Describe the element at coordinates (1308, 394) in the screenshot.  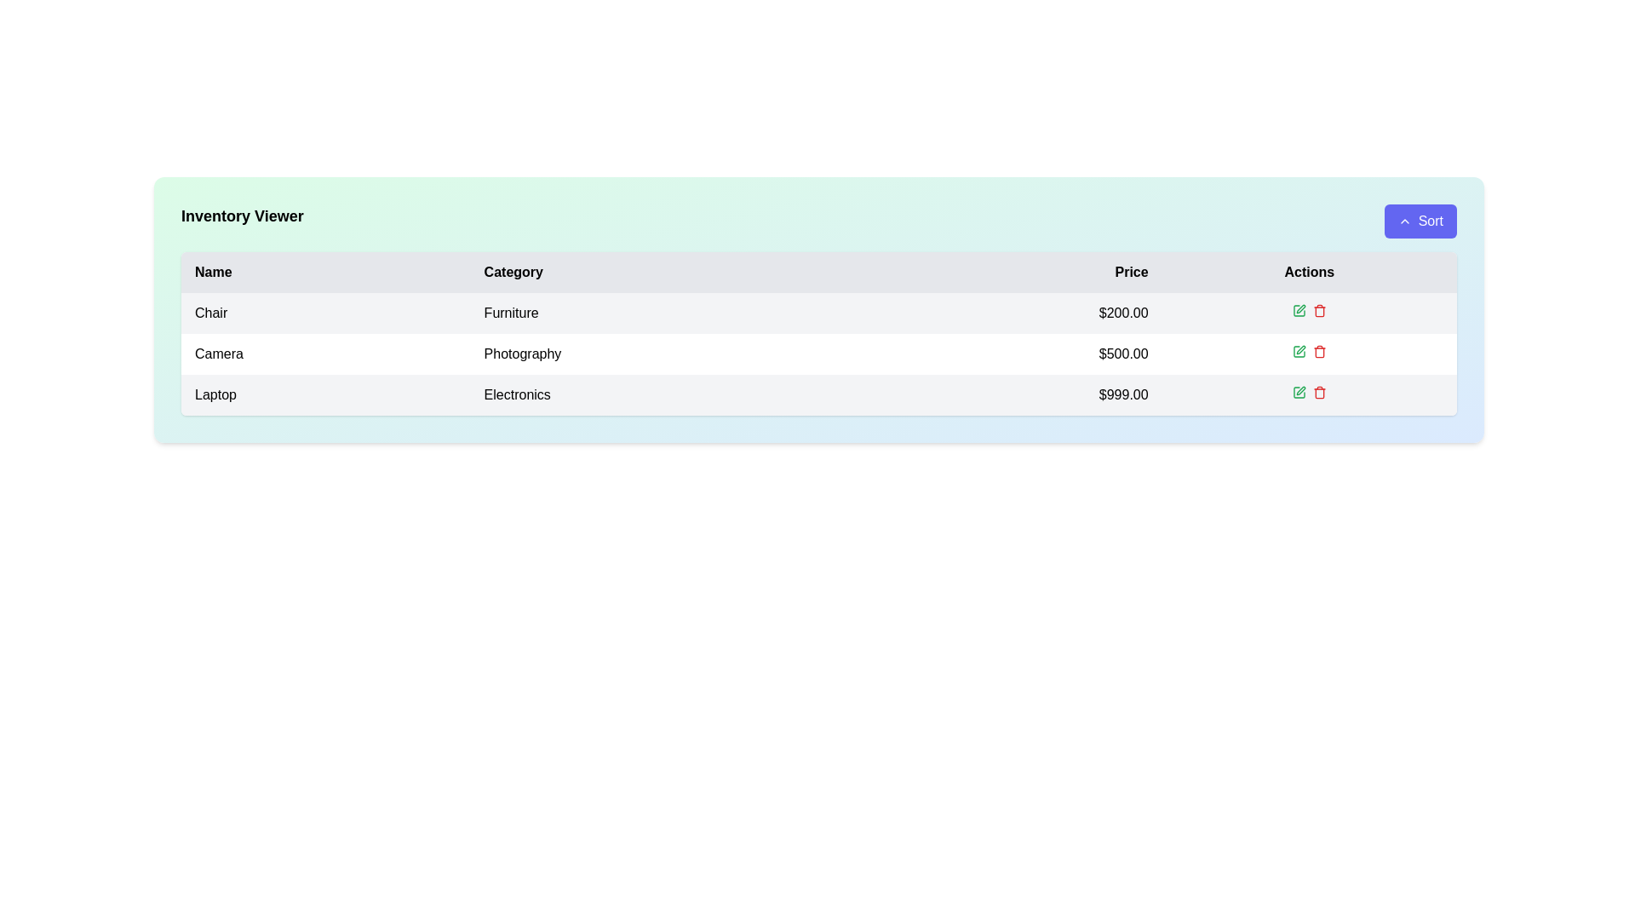
I see `the empty cell in the 'Actions' column of the row associated with the item 'Laptop' in the table` at that location.